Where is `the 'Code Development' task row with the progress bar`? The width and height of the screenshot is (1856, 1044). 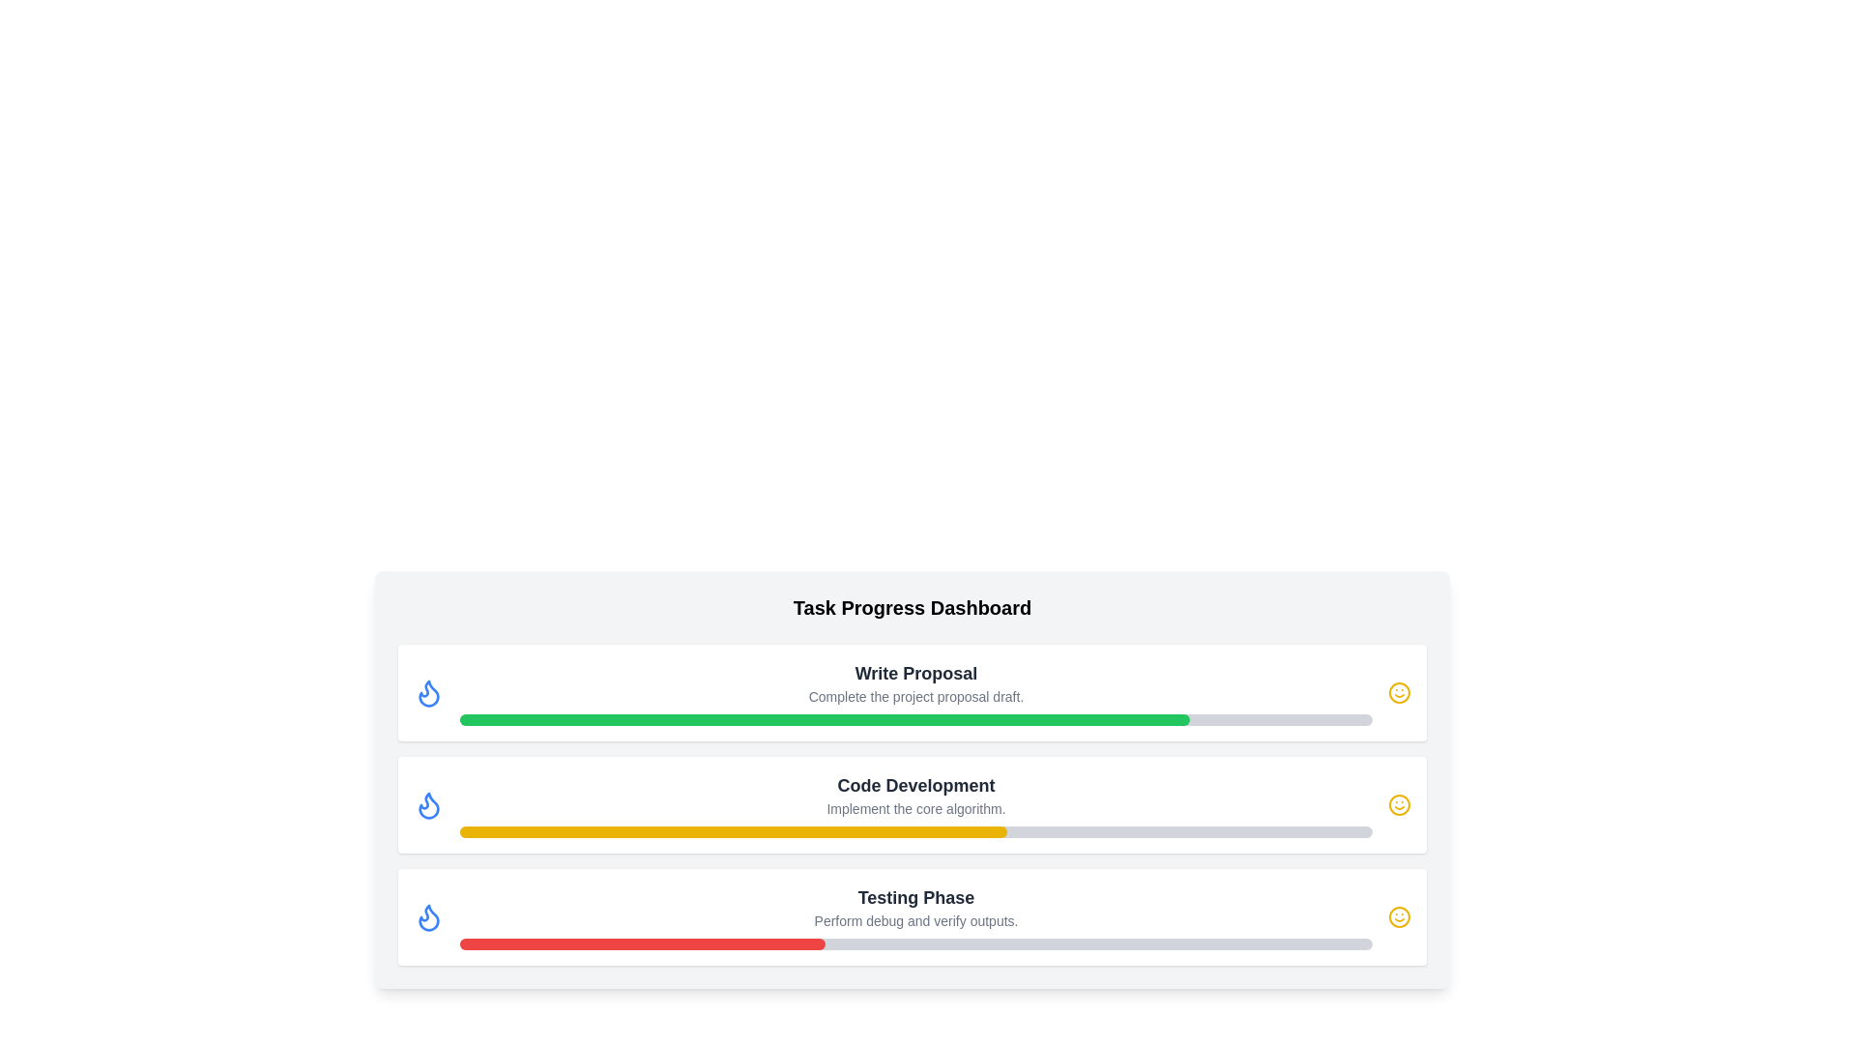
the 'Code Development' task row with the progress bar is located at coordinates (915, 805).